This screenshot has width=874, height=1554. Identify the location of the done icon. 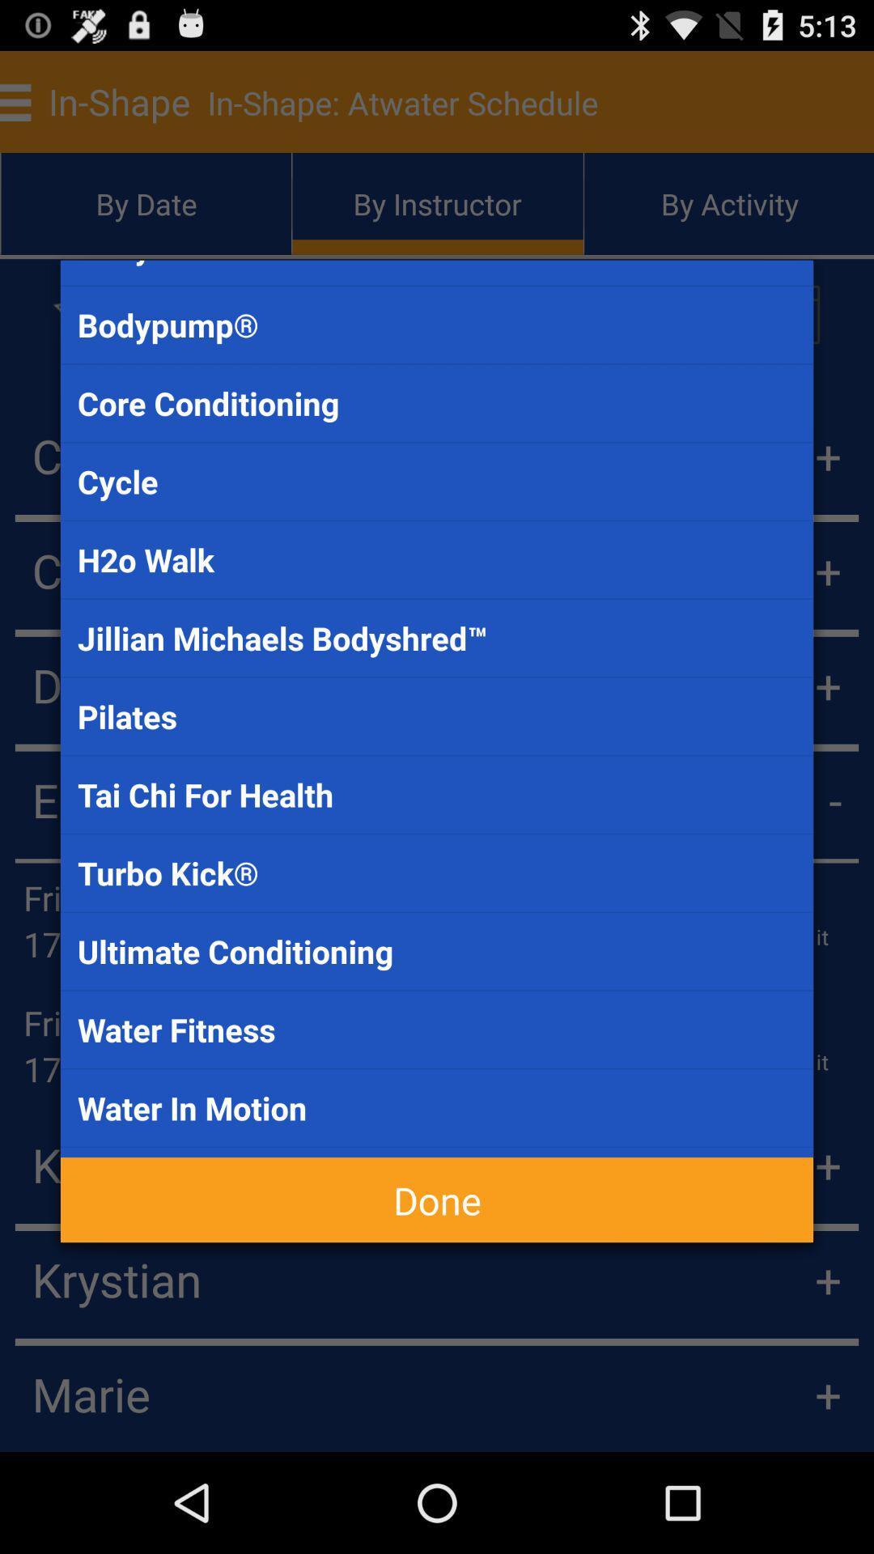
(437, 1199).